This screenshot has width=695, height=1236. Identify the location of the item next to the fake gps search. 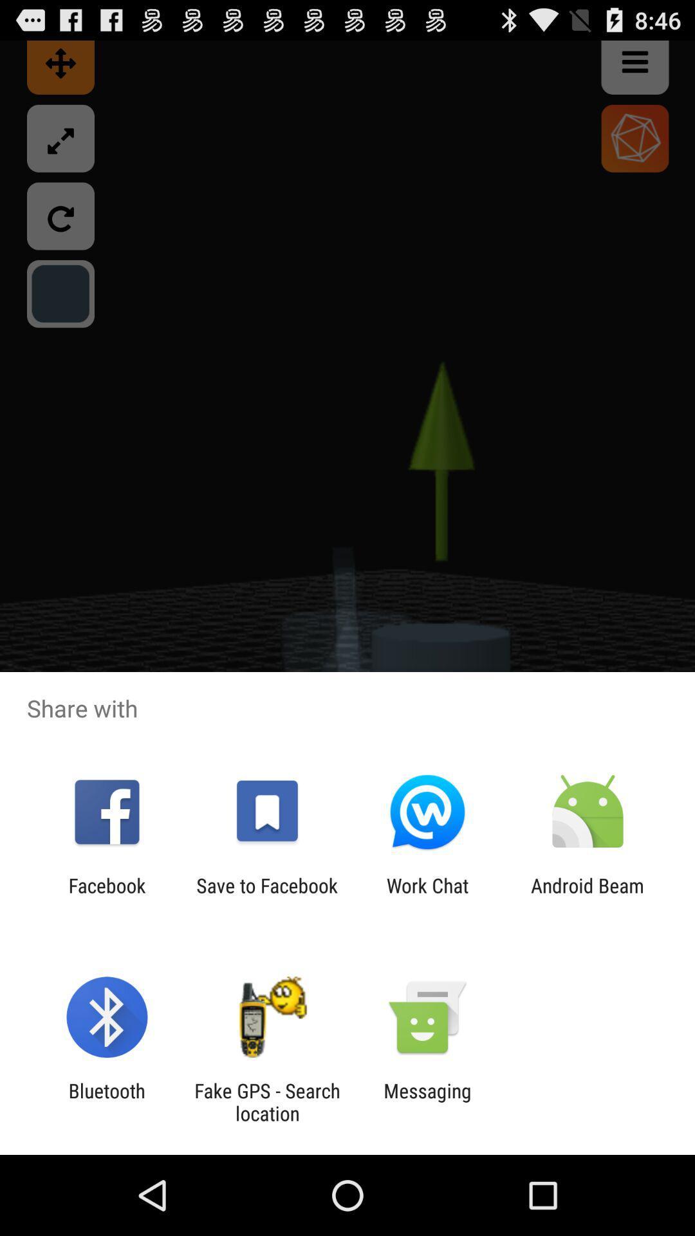
(427, 1101).